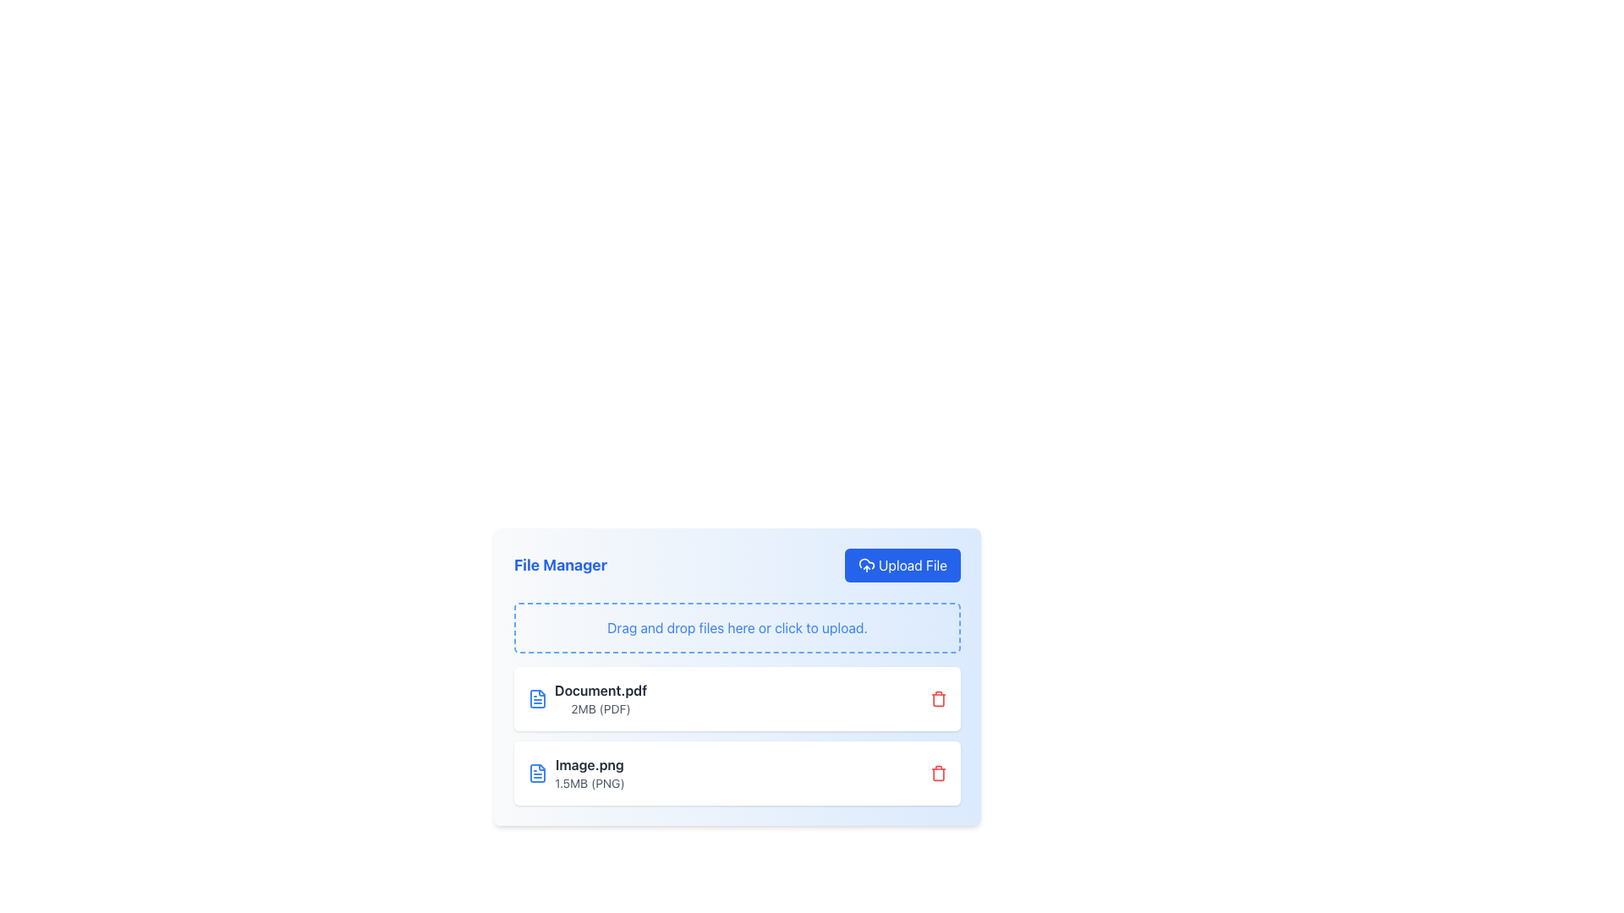  I want to click on the text label displaying '1.5MB (PNG)' which is positioned below the document icon 'Image.png' in the file manager interface, so click(590, 783).